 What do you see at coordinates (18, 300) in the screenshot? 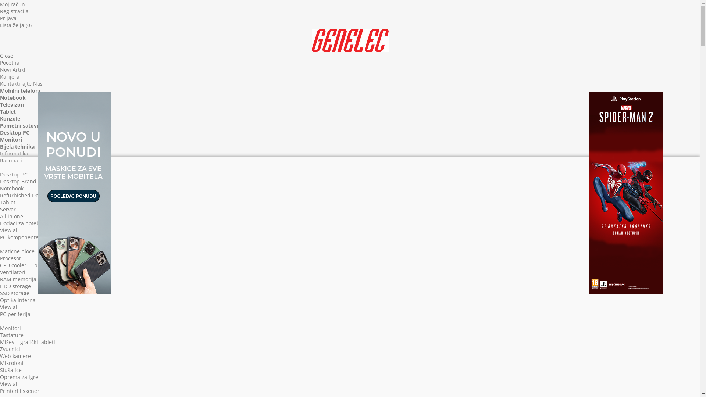
I see `'Optika interna'` at bounding box center [18, 300].